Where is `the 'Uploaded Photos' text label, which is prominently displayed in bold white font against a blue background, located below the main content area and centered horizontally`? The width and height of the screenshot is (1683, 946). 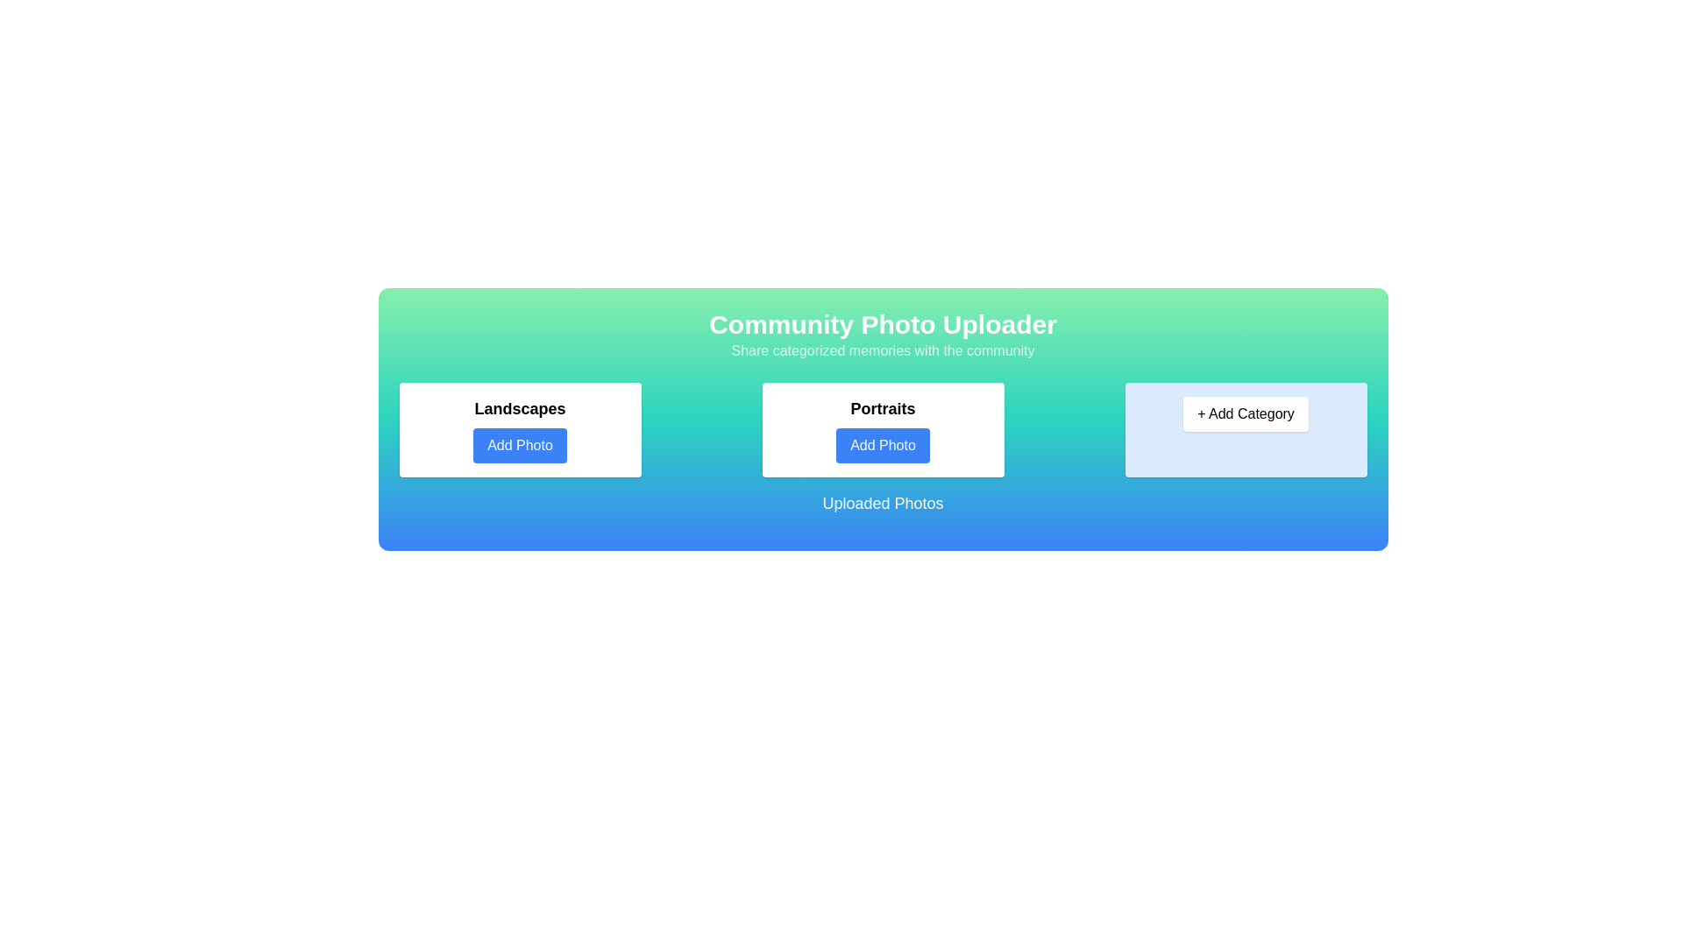 the 'Uploaded Photos' text label, which is prominently displayed in bold white font against a blue background, located below the main content area and centered horizontally is located at coordinates (883, 503).